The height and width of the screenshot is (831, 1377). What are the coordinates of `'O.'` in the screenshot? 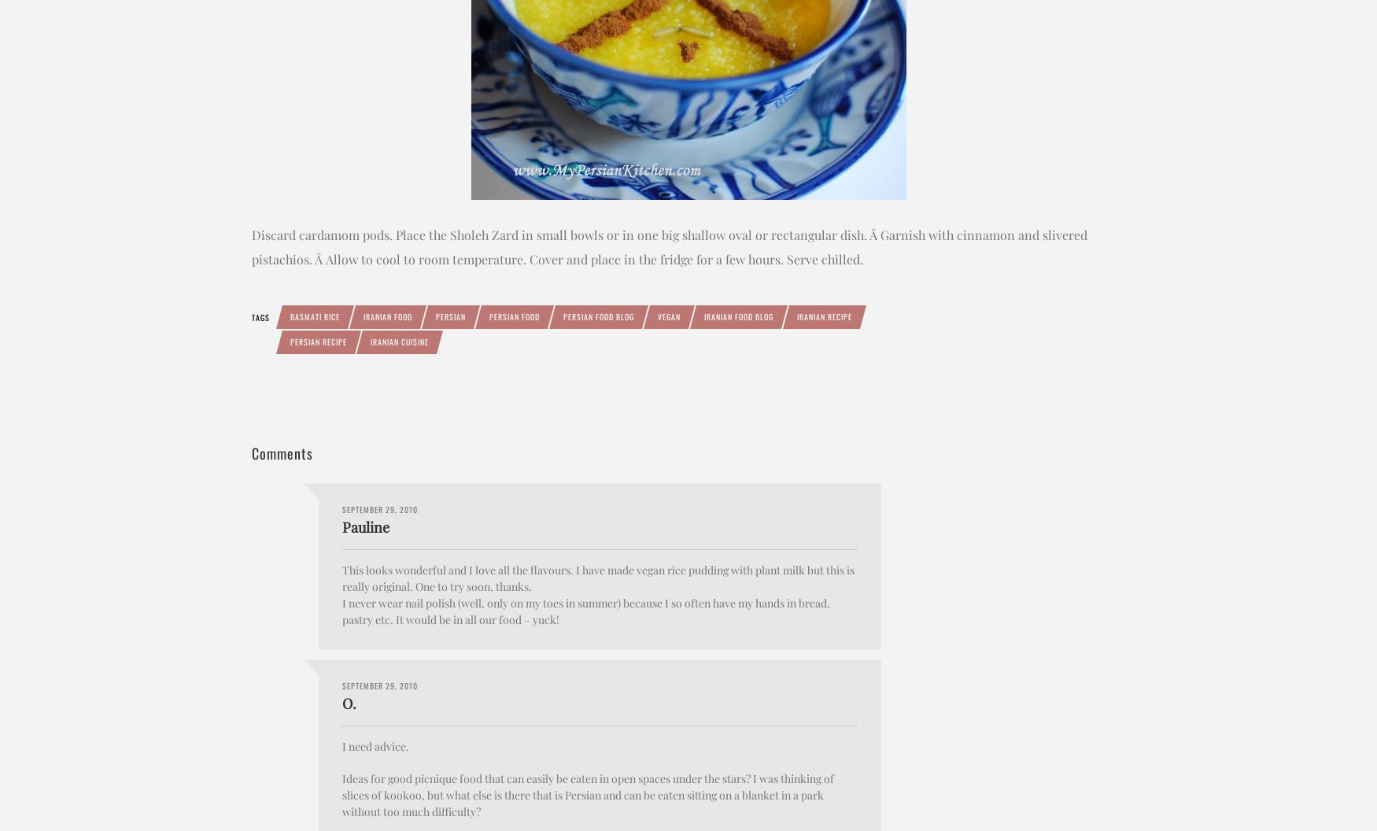 It's located at (349, 701).